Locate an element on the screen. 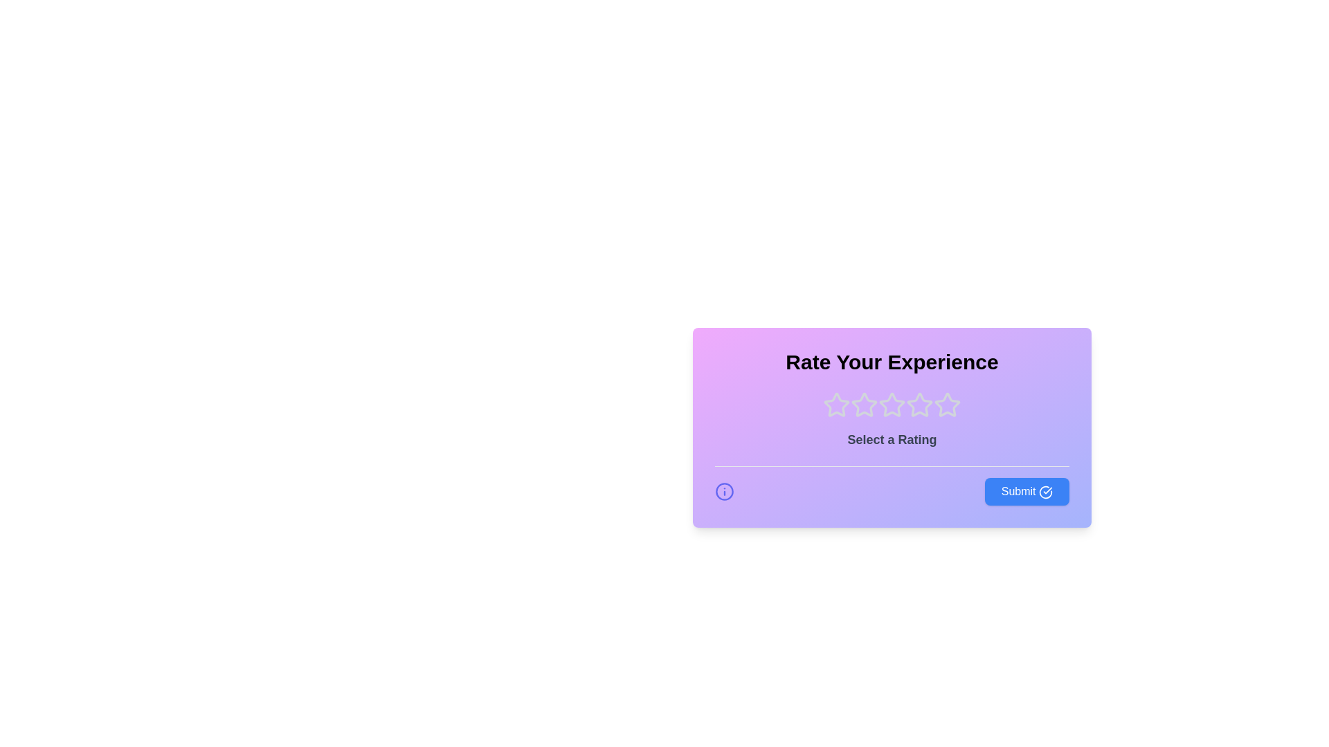 The image size is (1329, 747). the star corresponding to 5 rating is located at coordinates (946, 405).